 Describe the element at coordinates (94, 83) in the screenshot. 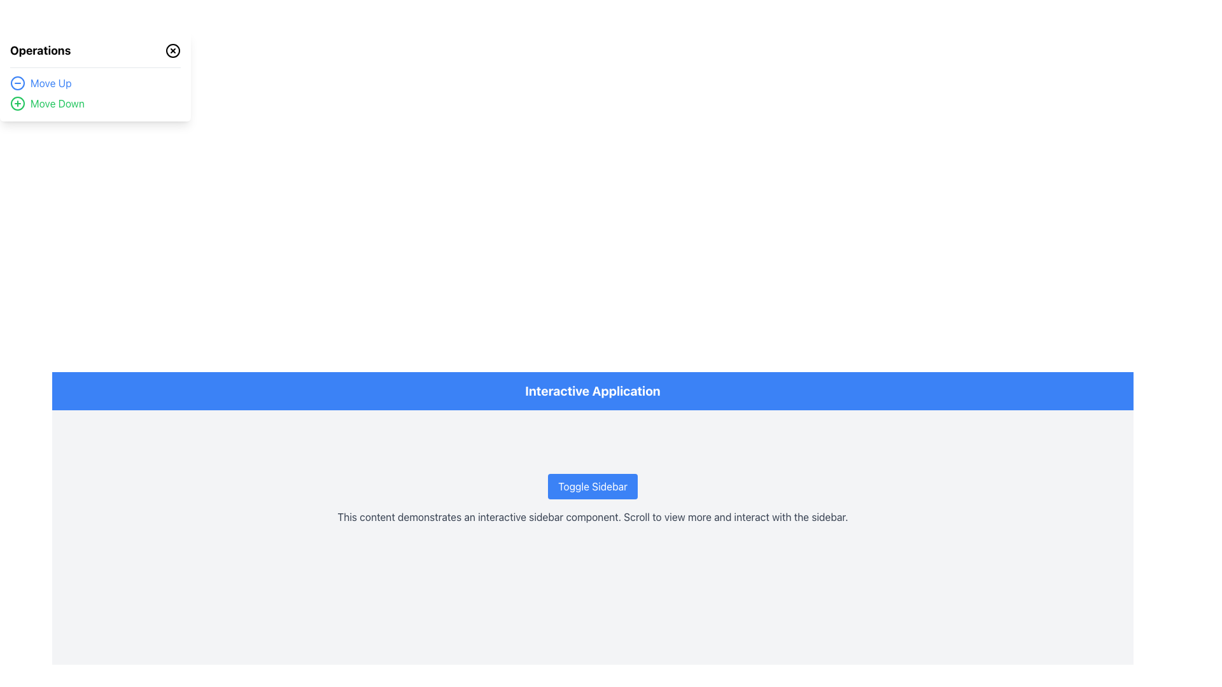

I see `the 'Move Up' button with an icon` at that location.